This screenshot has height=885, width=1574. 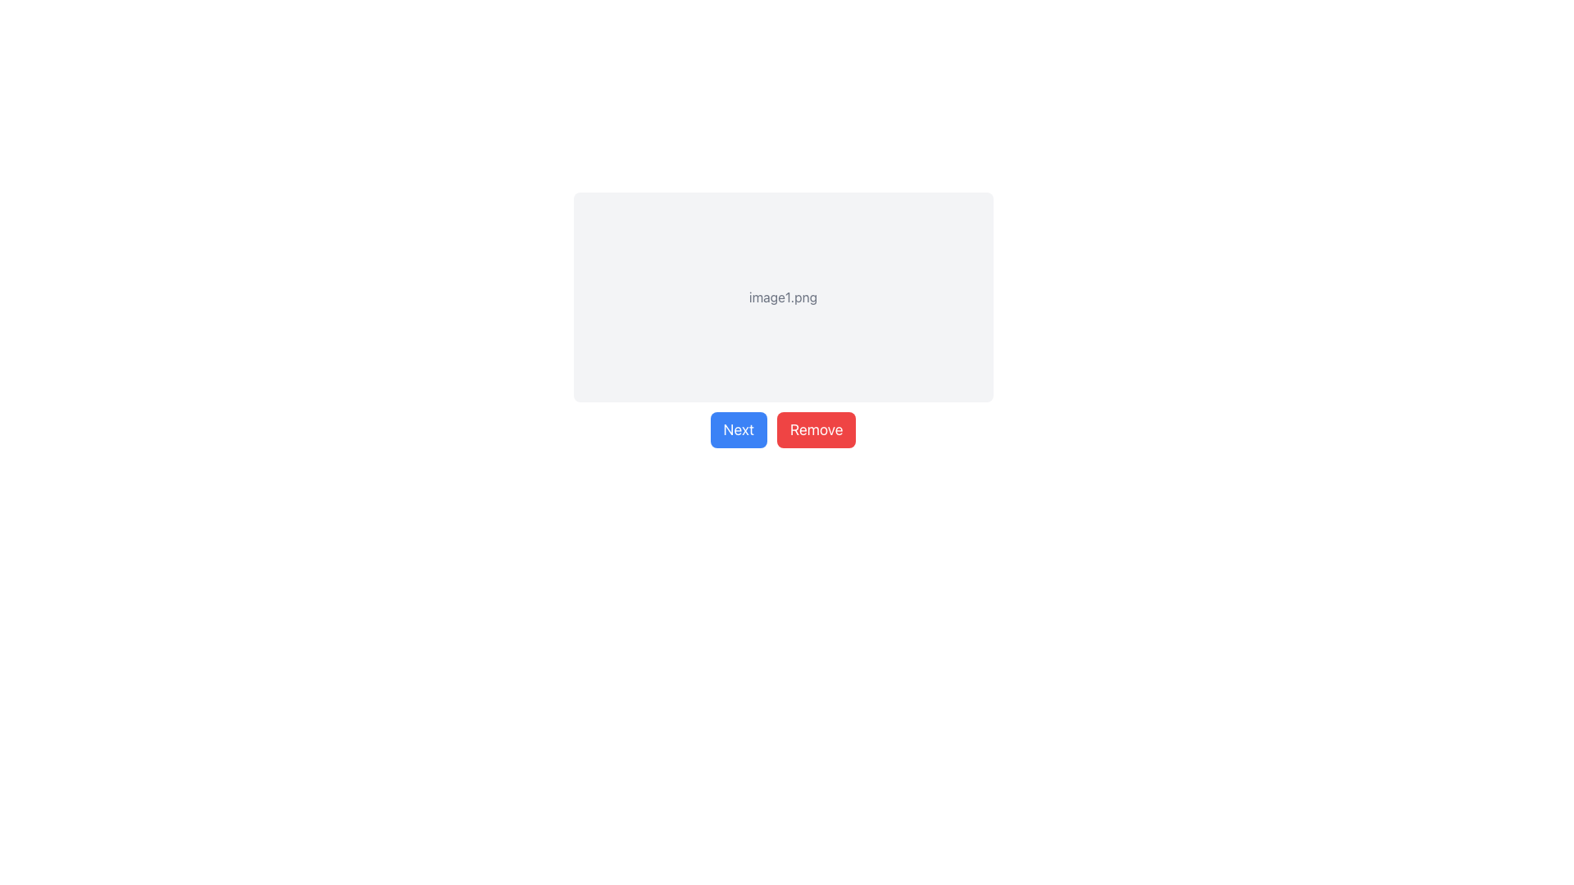 What do you see at coordinates (738, 429) in the screenshot?
I see `the navigation button located to the left of the 'Remove' button to proceed to the next step in the workflow` at bounding box center [738, 429].